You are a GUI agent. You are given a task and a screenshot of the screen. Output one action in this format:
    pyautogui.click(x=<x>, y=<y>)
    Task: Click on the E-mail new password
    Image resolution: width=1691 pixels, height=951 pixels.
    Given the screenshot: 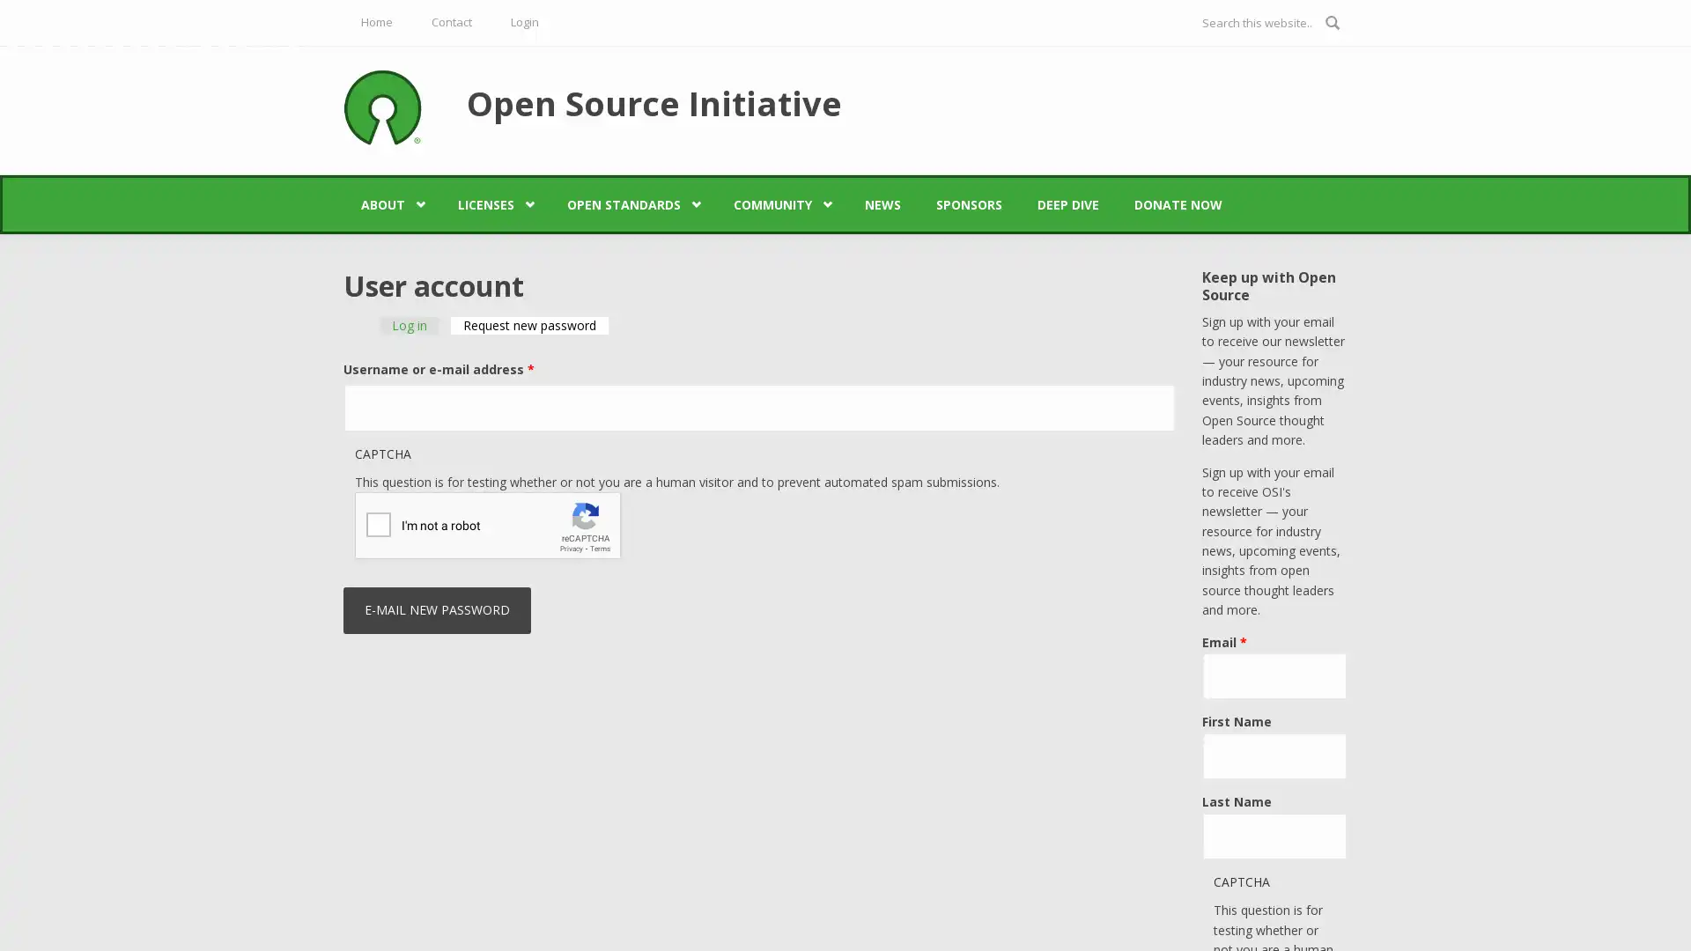 What is the action you would take?
    pyautogui.click(x=437, y=609)
    